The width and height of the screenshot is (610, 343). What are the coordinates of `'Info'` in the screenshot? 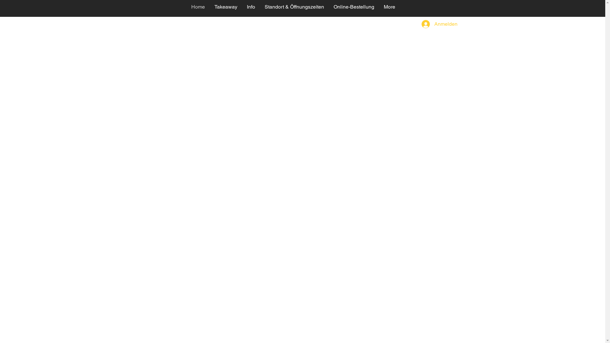 It's located at (242, 8).